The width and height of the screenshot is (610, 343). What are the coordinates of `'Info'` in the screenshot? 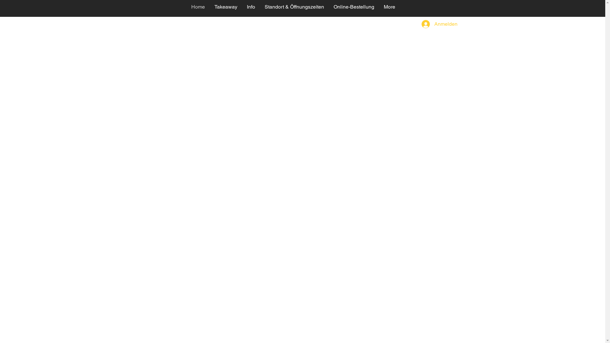 It's located at (242, 8).